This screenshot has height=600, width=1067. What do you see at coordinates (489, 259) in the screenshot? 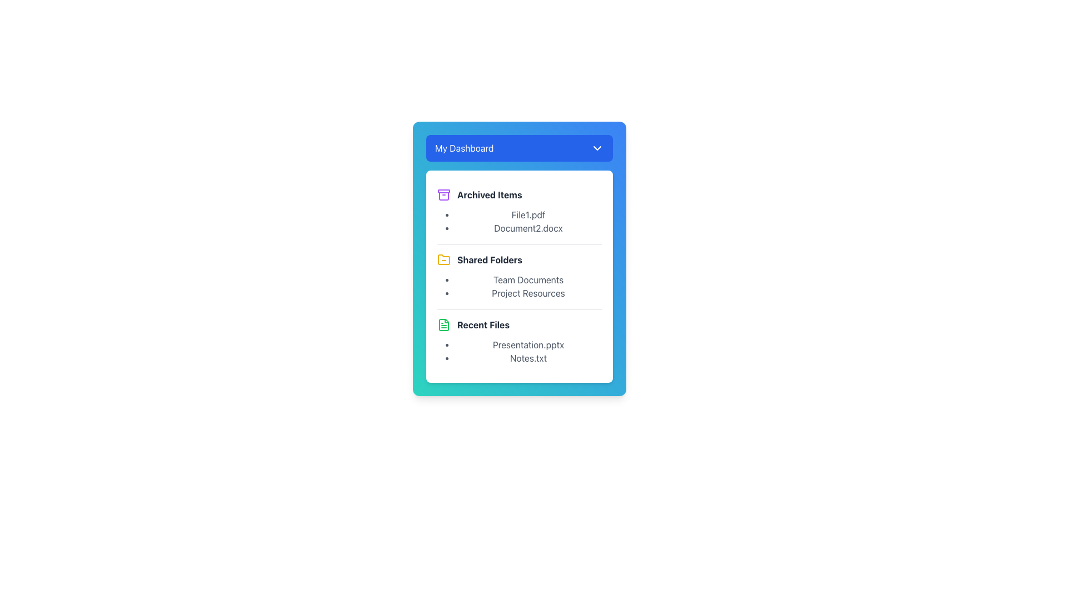
I see `the bold, dark gray text label reading 'Shared Folders', which is positioned near the top center of the 'My Dashboard' panel and is adjacent to a yellow folder icon` at bounding box center [489, 259].